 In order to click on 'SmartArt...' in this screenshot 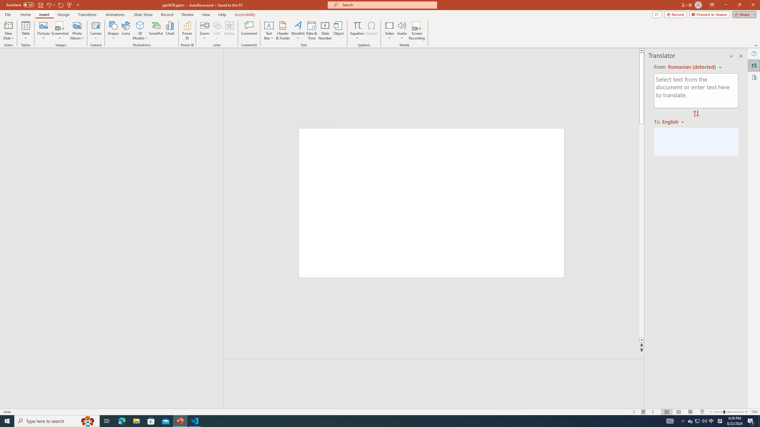, I will do `click(156, 31)`.